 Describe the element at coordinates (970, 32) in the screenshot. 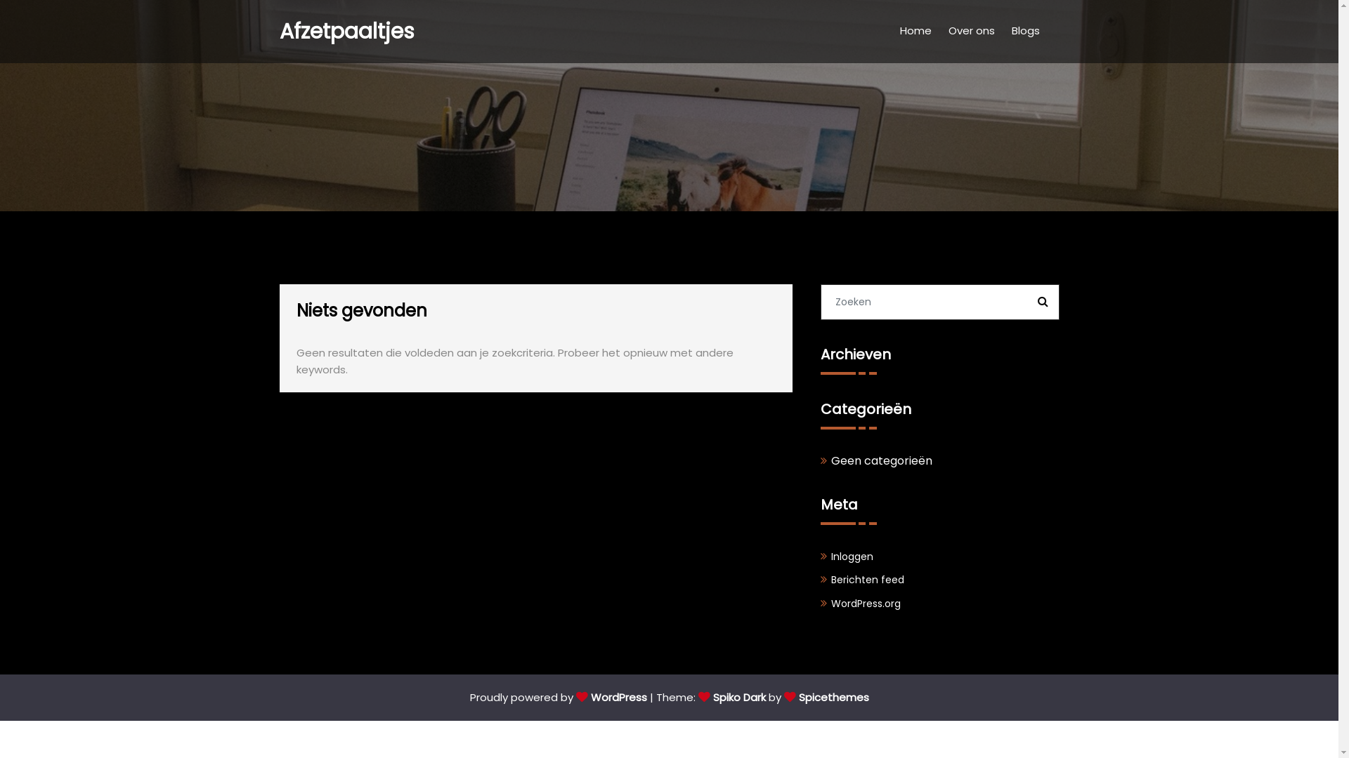

I see `'Over ons'` at that location.